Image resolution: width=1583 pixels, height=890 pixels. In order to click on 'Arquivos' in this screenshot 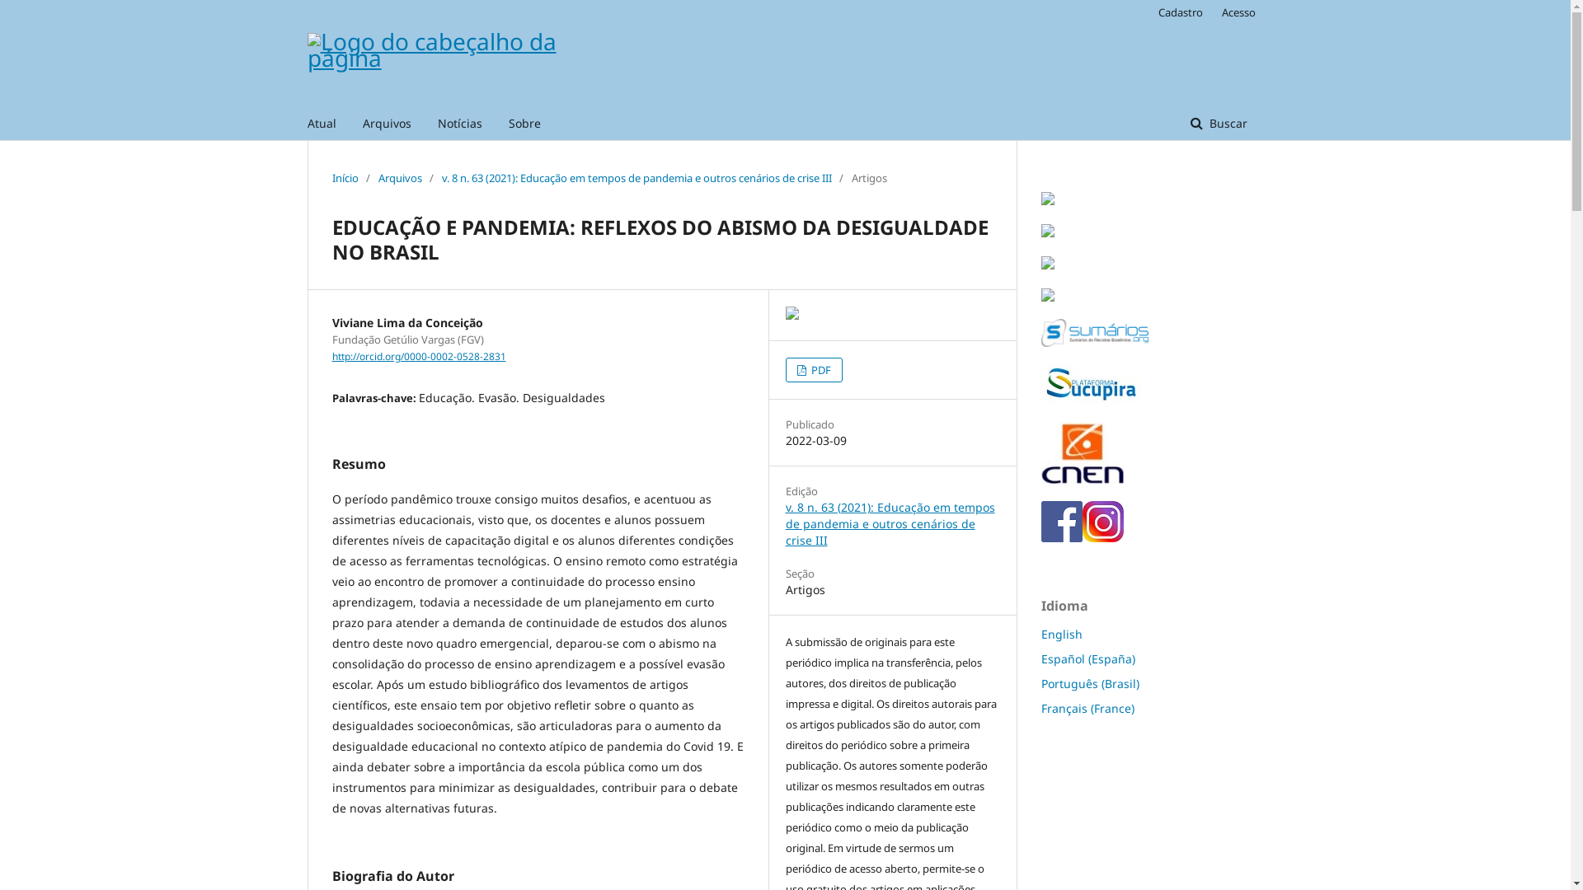, I will do `click(386, 123)`.